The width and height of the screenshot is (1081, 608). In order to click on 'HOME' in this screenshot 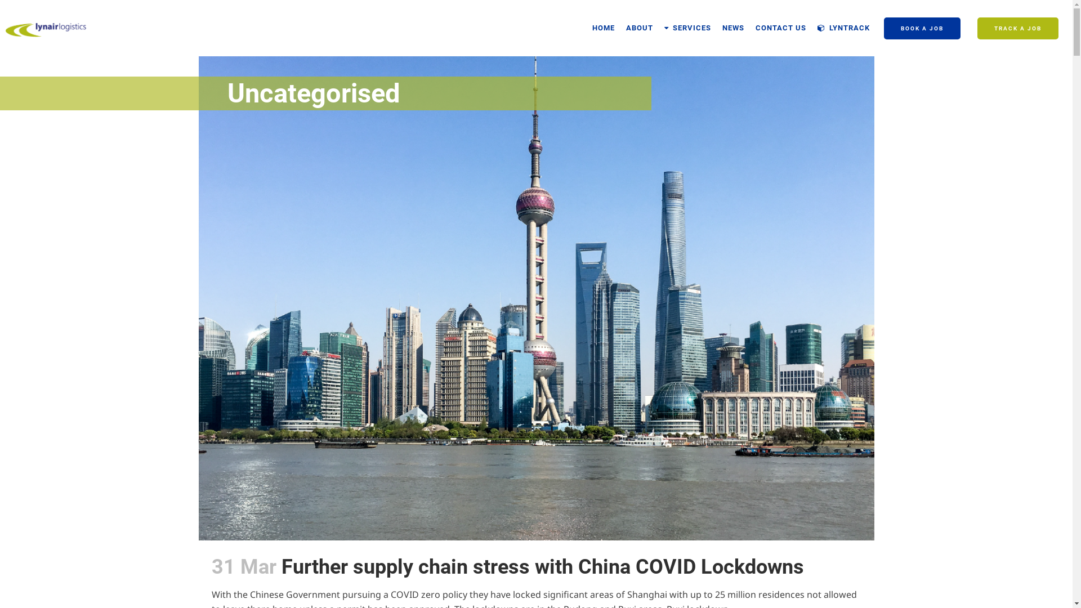, I will do `click(602, 28)`.